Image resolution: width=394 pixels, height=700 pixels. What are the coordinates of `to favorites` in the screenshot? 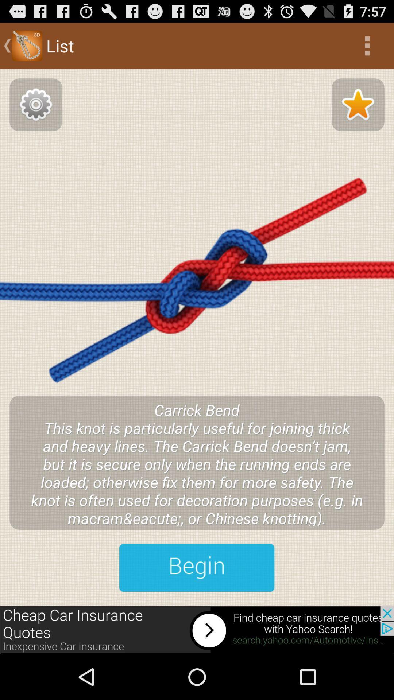 It's located at (358, 104).